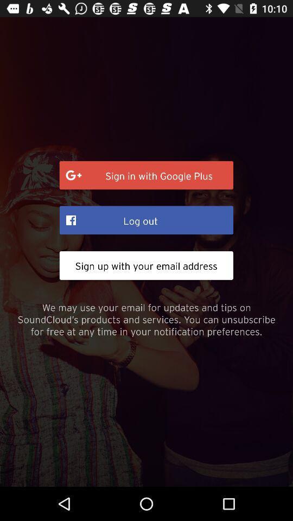  Describe the element at coordinates (146, 219) in the screenshot. I see `the icon above sign up with item` at that location.